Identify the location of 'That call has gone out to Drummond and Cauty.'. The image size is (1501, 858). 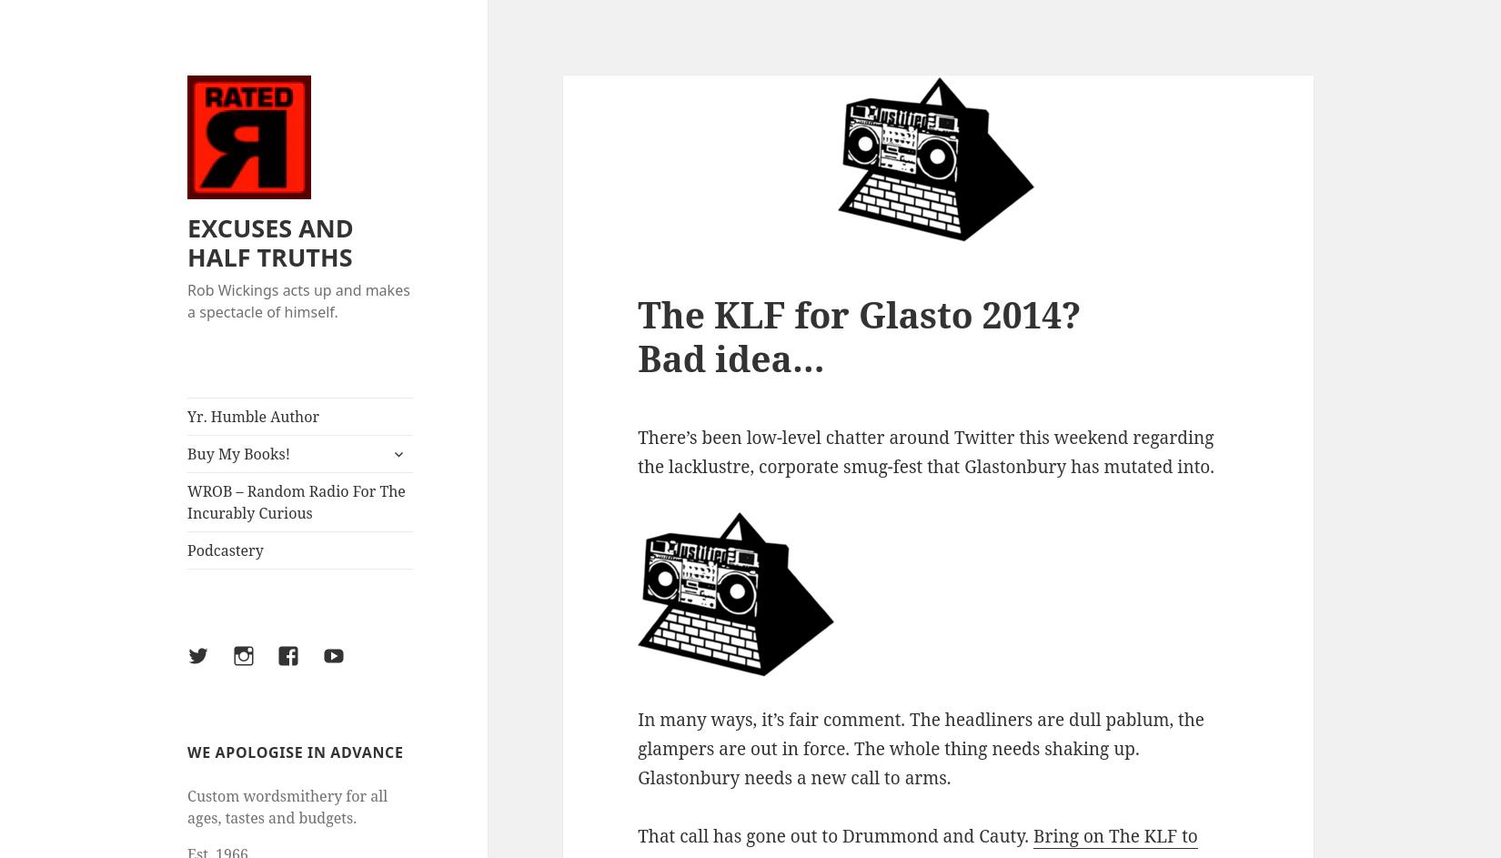
(835, 834).